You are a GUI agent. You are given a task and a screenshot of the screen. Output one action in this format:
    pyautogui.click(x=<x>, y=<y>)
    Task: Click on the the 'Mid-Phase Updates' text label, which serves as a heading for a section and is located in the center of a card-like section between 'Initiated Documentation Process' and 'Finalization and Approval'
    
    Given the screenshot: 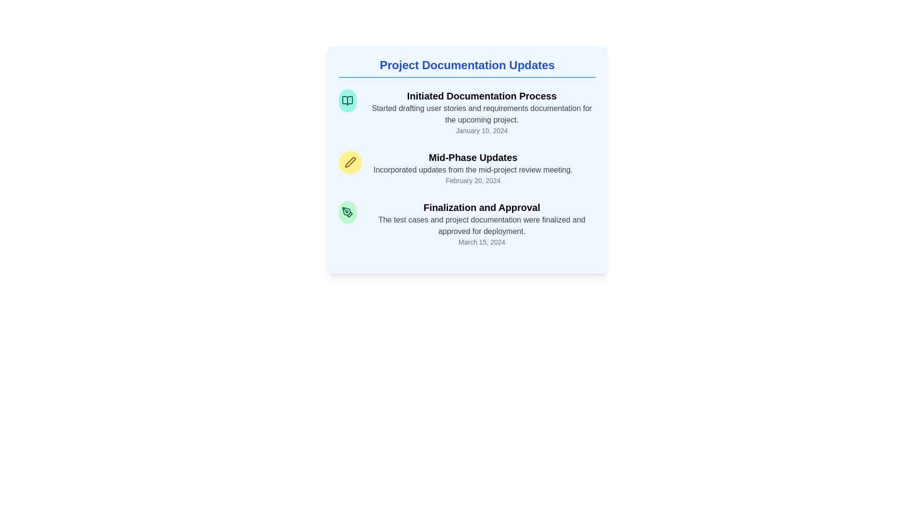 What is the action you would take?
    pyautogui.click(x=473, y=157)
    